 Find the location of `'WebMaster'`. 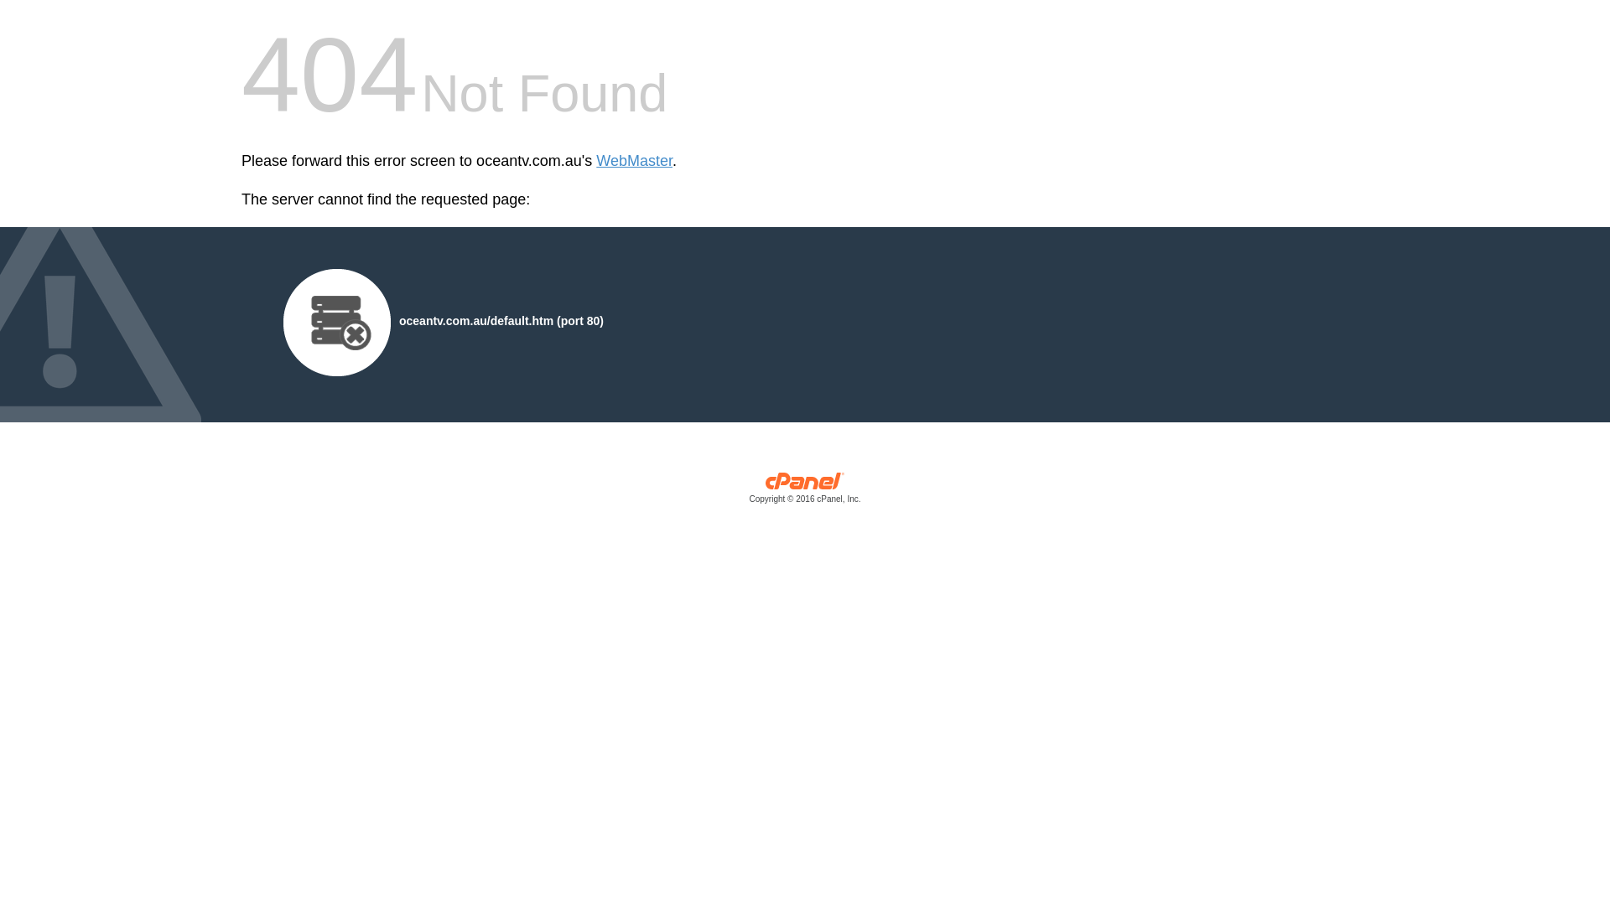

'WebMaster' is located at coordinates (633, 161).